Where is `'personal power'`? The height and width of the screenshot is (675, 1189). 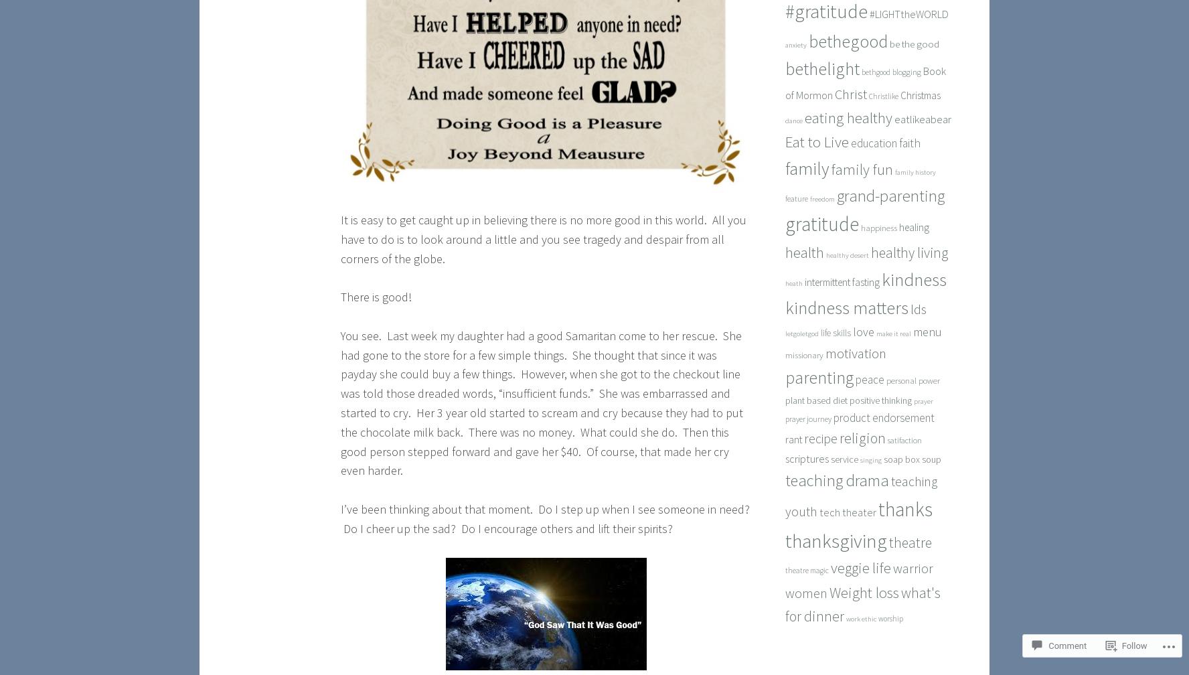
'personal power' is located at coordinates (912, 380).